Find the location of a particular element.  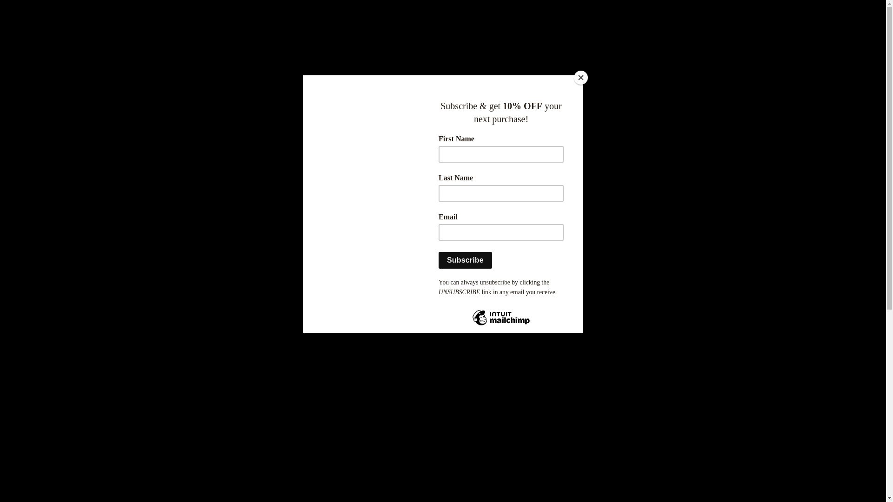

'NEW' is located at coordinates (252, 192).